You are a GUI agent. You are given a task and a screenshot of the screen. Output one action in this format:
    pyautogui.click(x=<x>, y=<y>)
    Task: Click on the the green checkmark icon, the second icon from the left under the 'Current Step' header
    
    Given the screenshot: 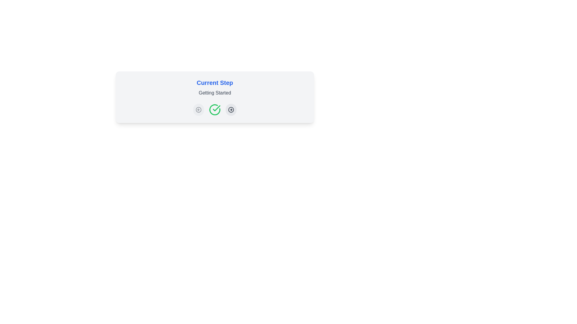 What is the action you would take?
    pyautogui.click(x=216, y=108)
    